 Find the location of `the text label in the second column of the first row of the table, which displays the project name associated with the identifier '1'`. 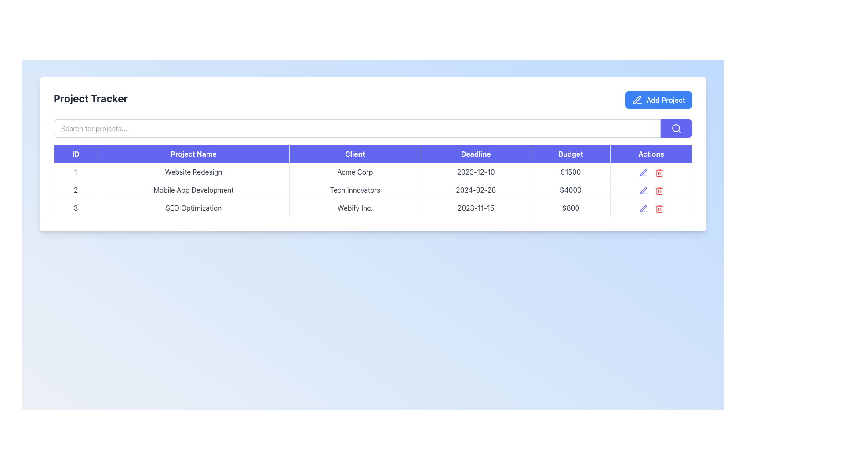

the text label in the second column of the first row of the table, which displays the project name associated with the identifier '1' is located at coordinates (193, 172).